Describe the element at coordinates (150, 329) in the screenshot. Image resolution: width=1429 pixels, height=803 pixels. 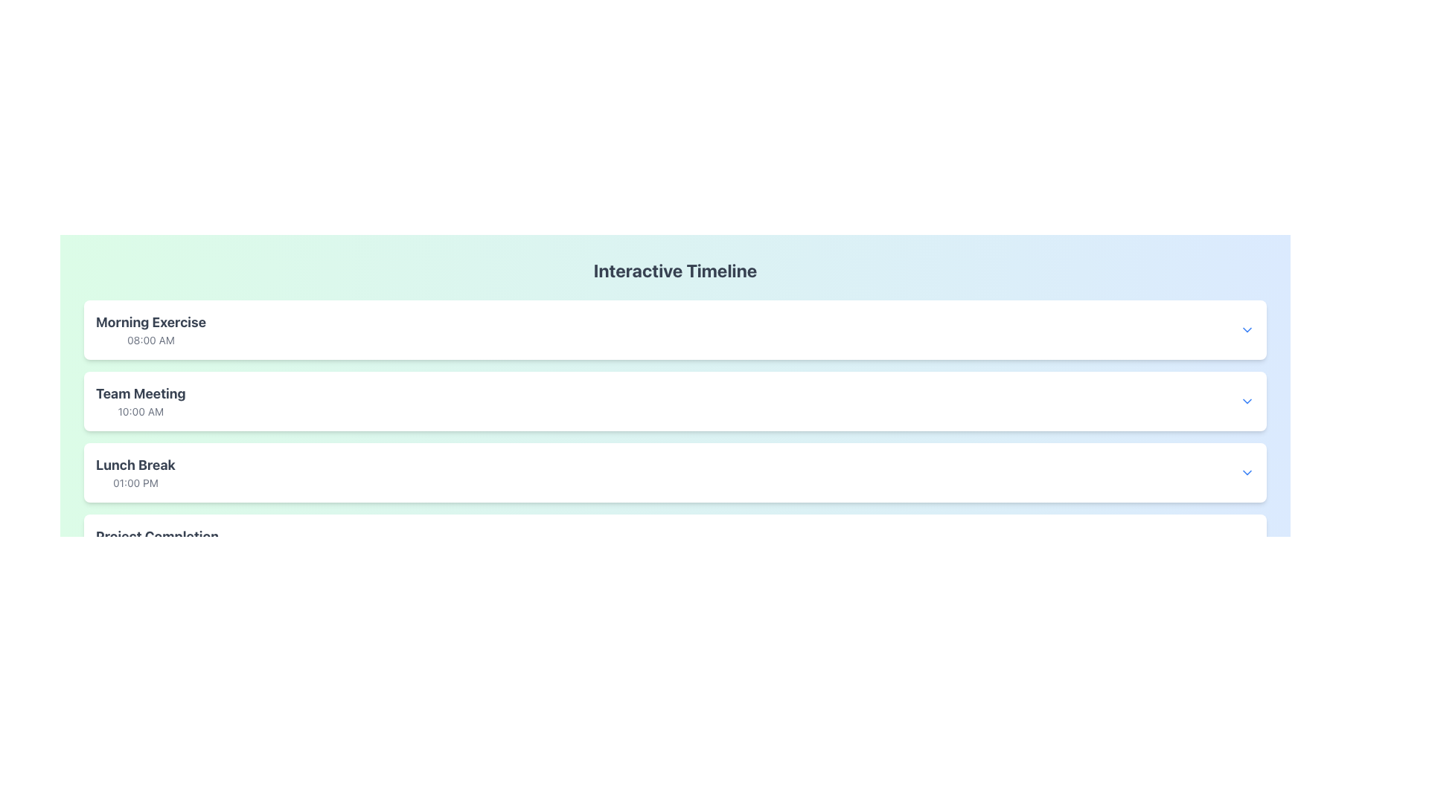
I see `the text content of the informational element displaying 'Morning Exercise' and '08:00 AM', which is the first item in the list of events` at that location.